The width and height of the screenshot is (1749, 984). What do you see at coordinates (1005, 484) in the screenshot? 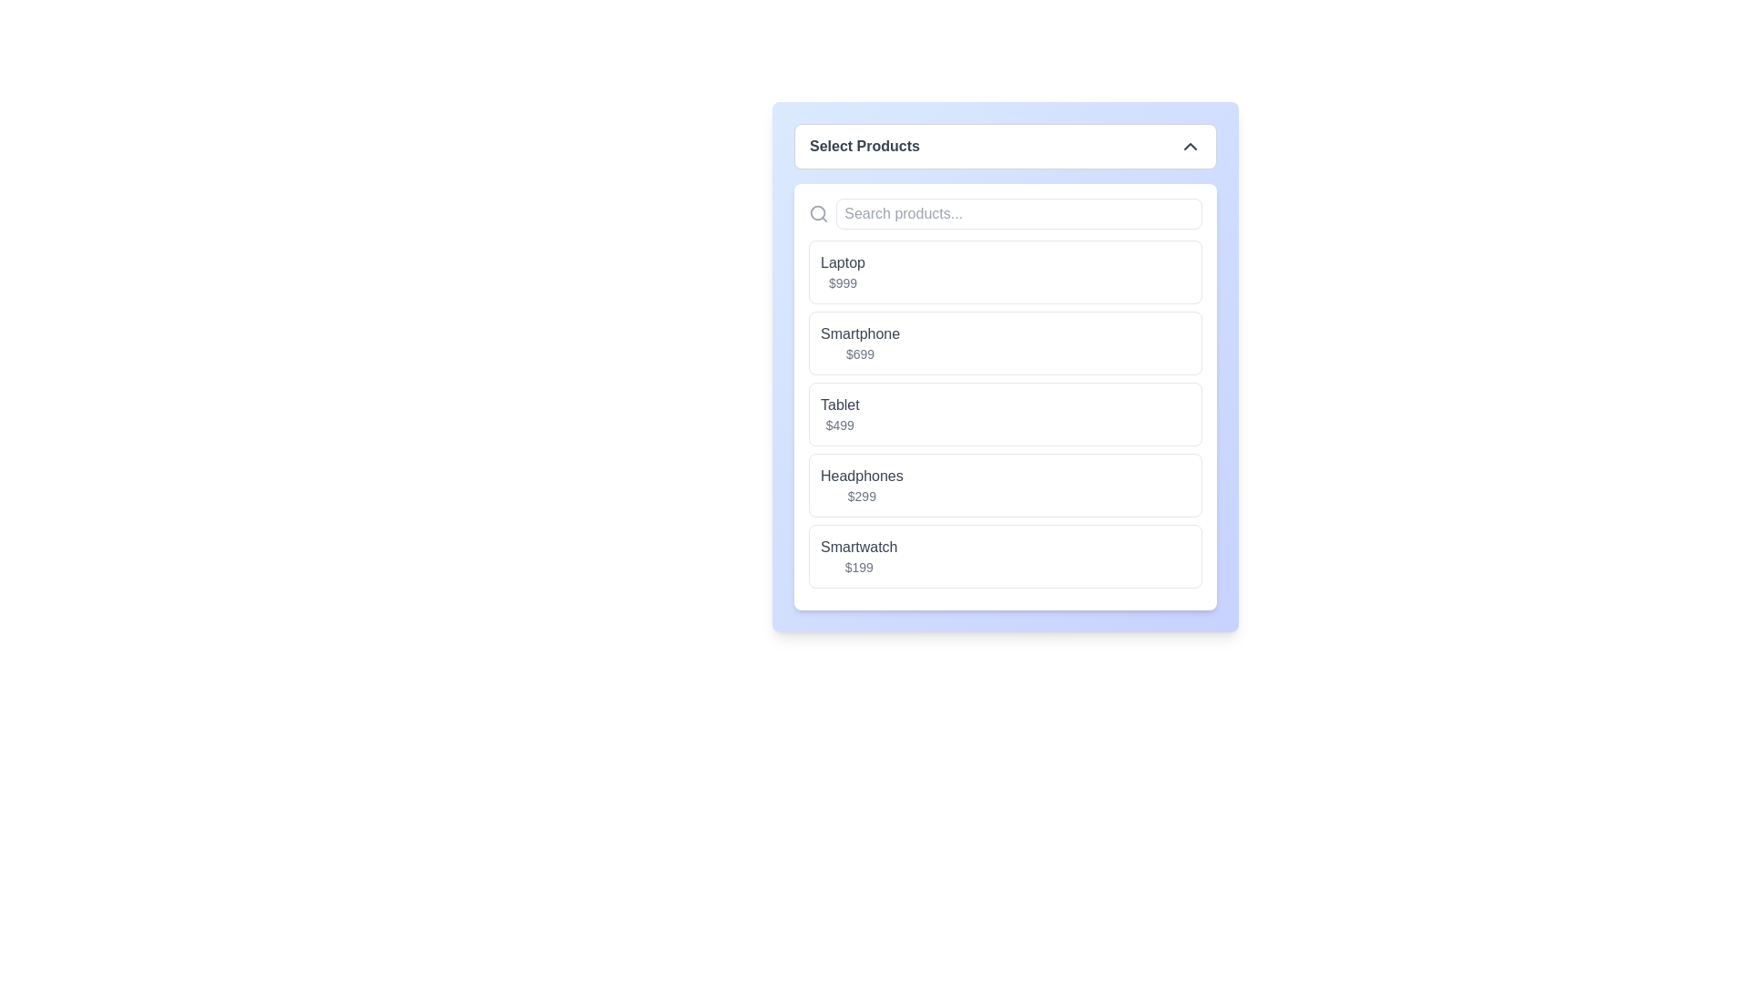
I see `the selectable list item displaying 'Headphones'` at bounding box center [1005, 484].